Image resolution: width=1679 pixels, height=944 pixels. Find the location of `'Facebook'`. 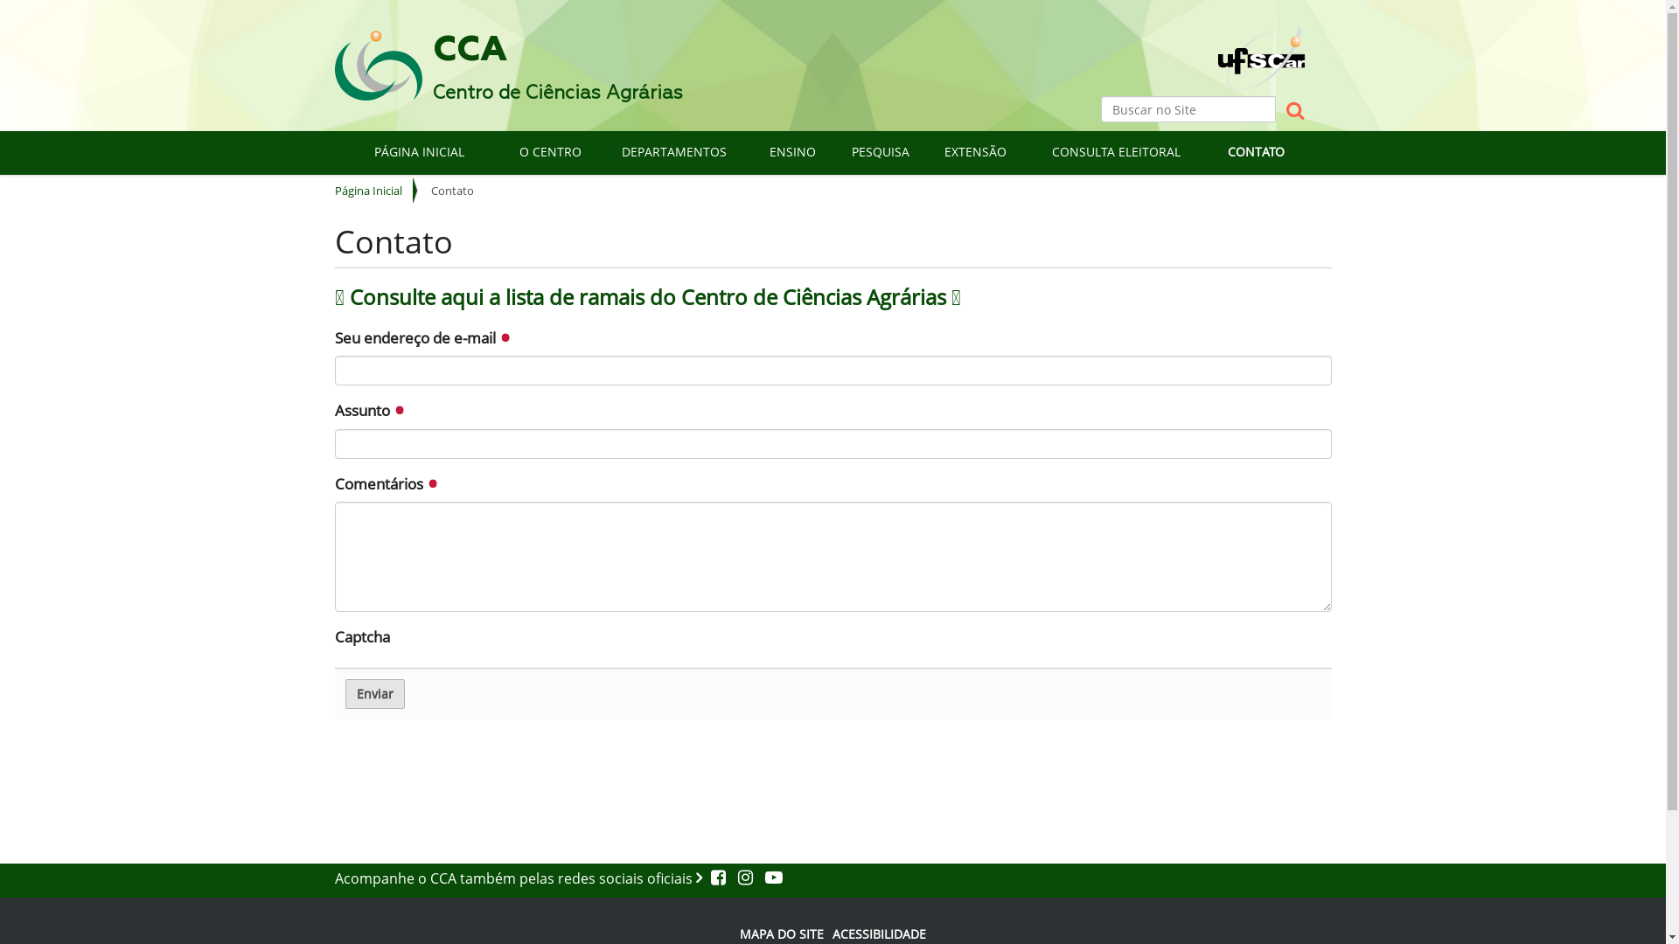

'Facebook' is located at coordinates (719, 878).